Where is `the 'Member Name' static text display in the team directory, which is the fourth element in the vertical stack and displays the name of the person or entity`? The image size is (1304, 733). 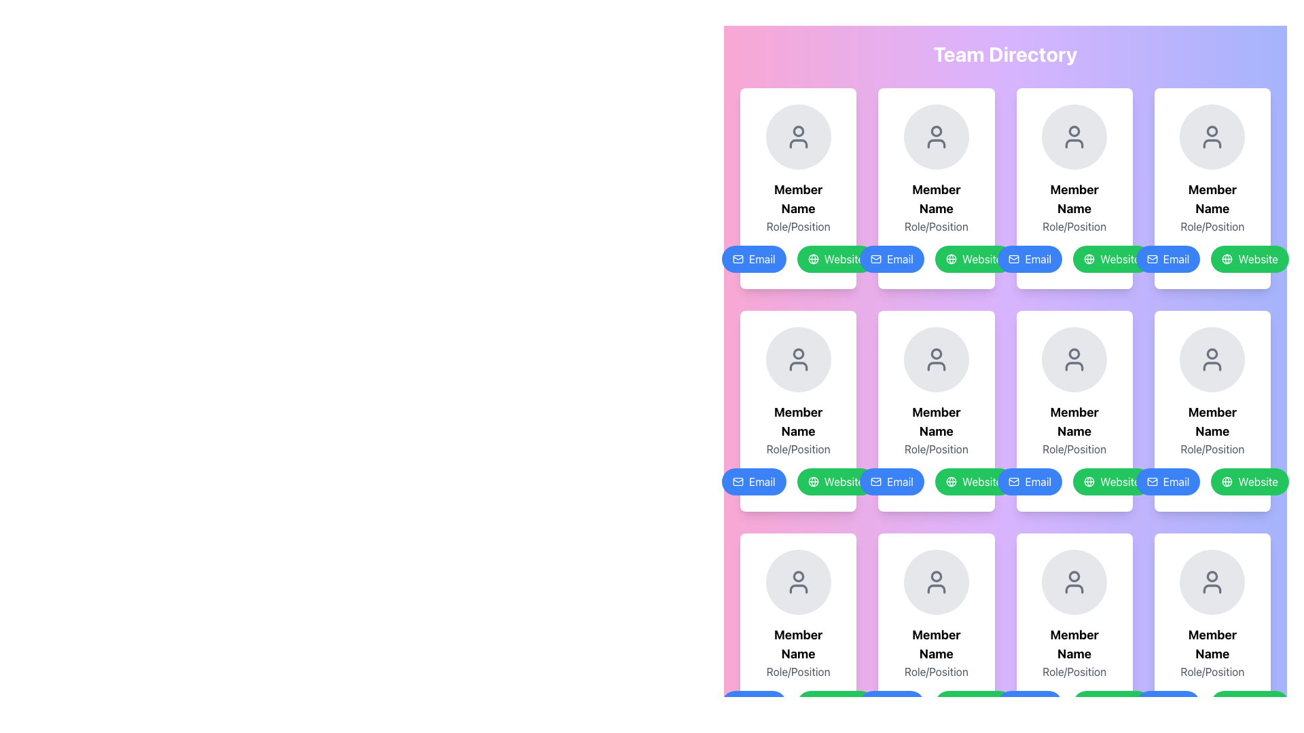 the 'Member Name' static text display in the team directory, which is the fourth element in the vertical stack and displays the name of the person or entity is located at coordinates (1074, 421).